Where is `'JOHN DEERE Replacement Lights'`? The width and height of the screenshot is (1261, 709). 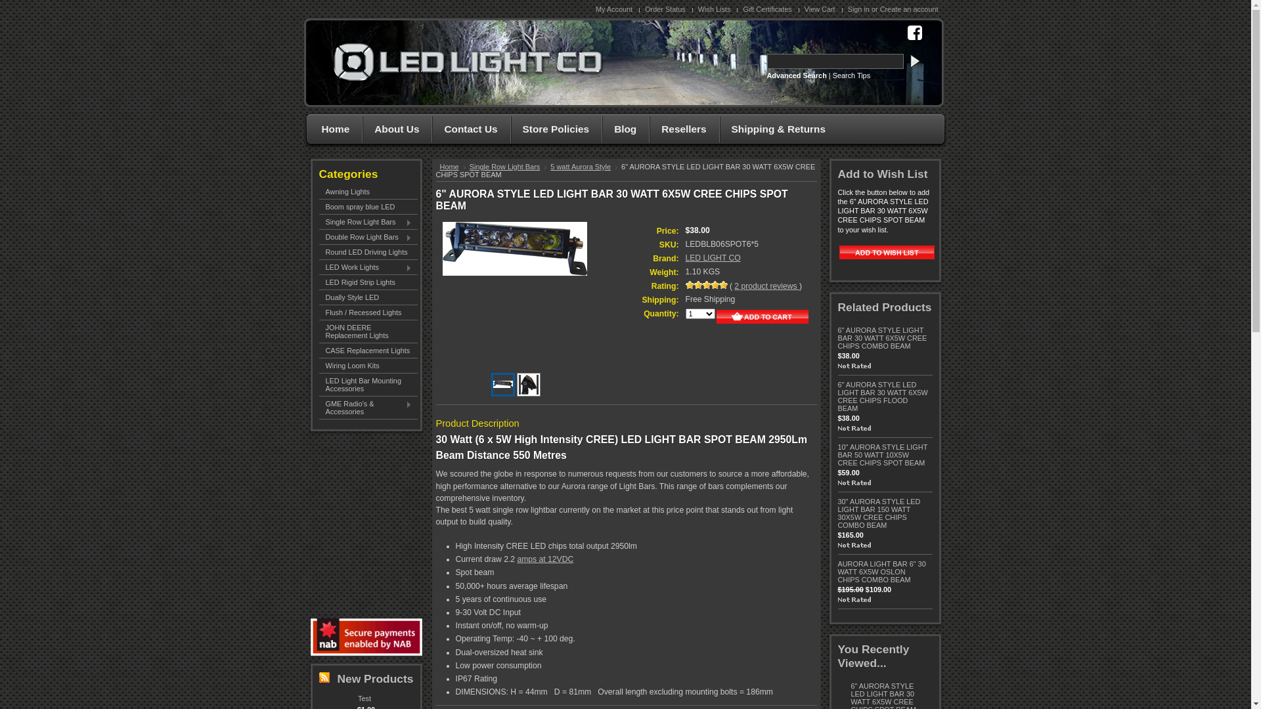
'JOHN DEERE Replacement Lights' is located at coordinates (368, 331).